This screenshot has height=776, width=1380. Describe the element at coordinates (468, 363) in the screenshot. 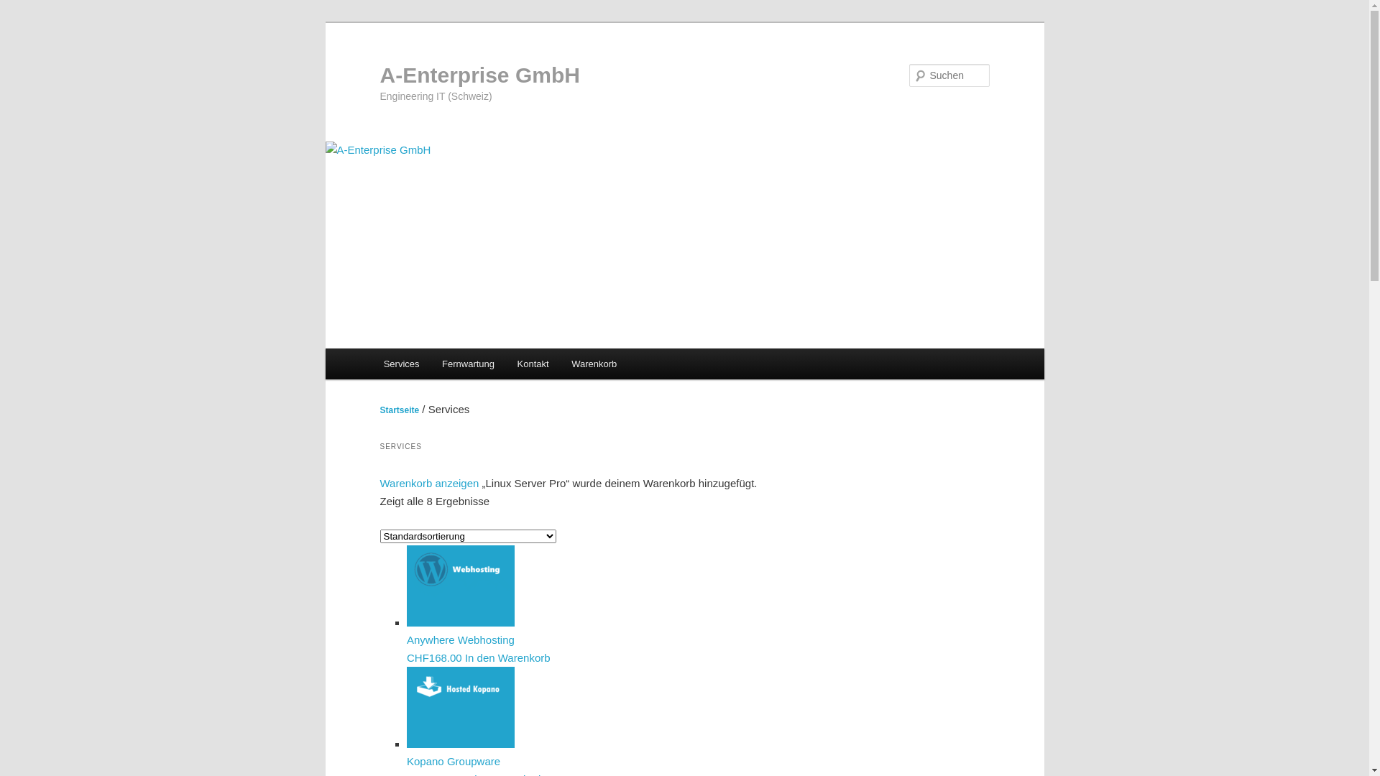

I see `'Fernwartung'` at that location.